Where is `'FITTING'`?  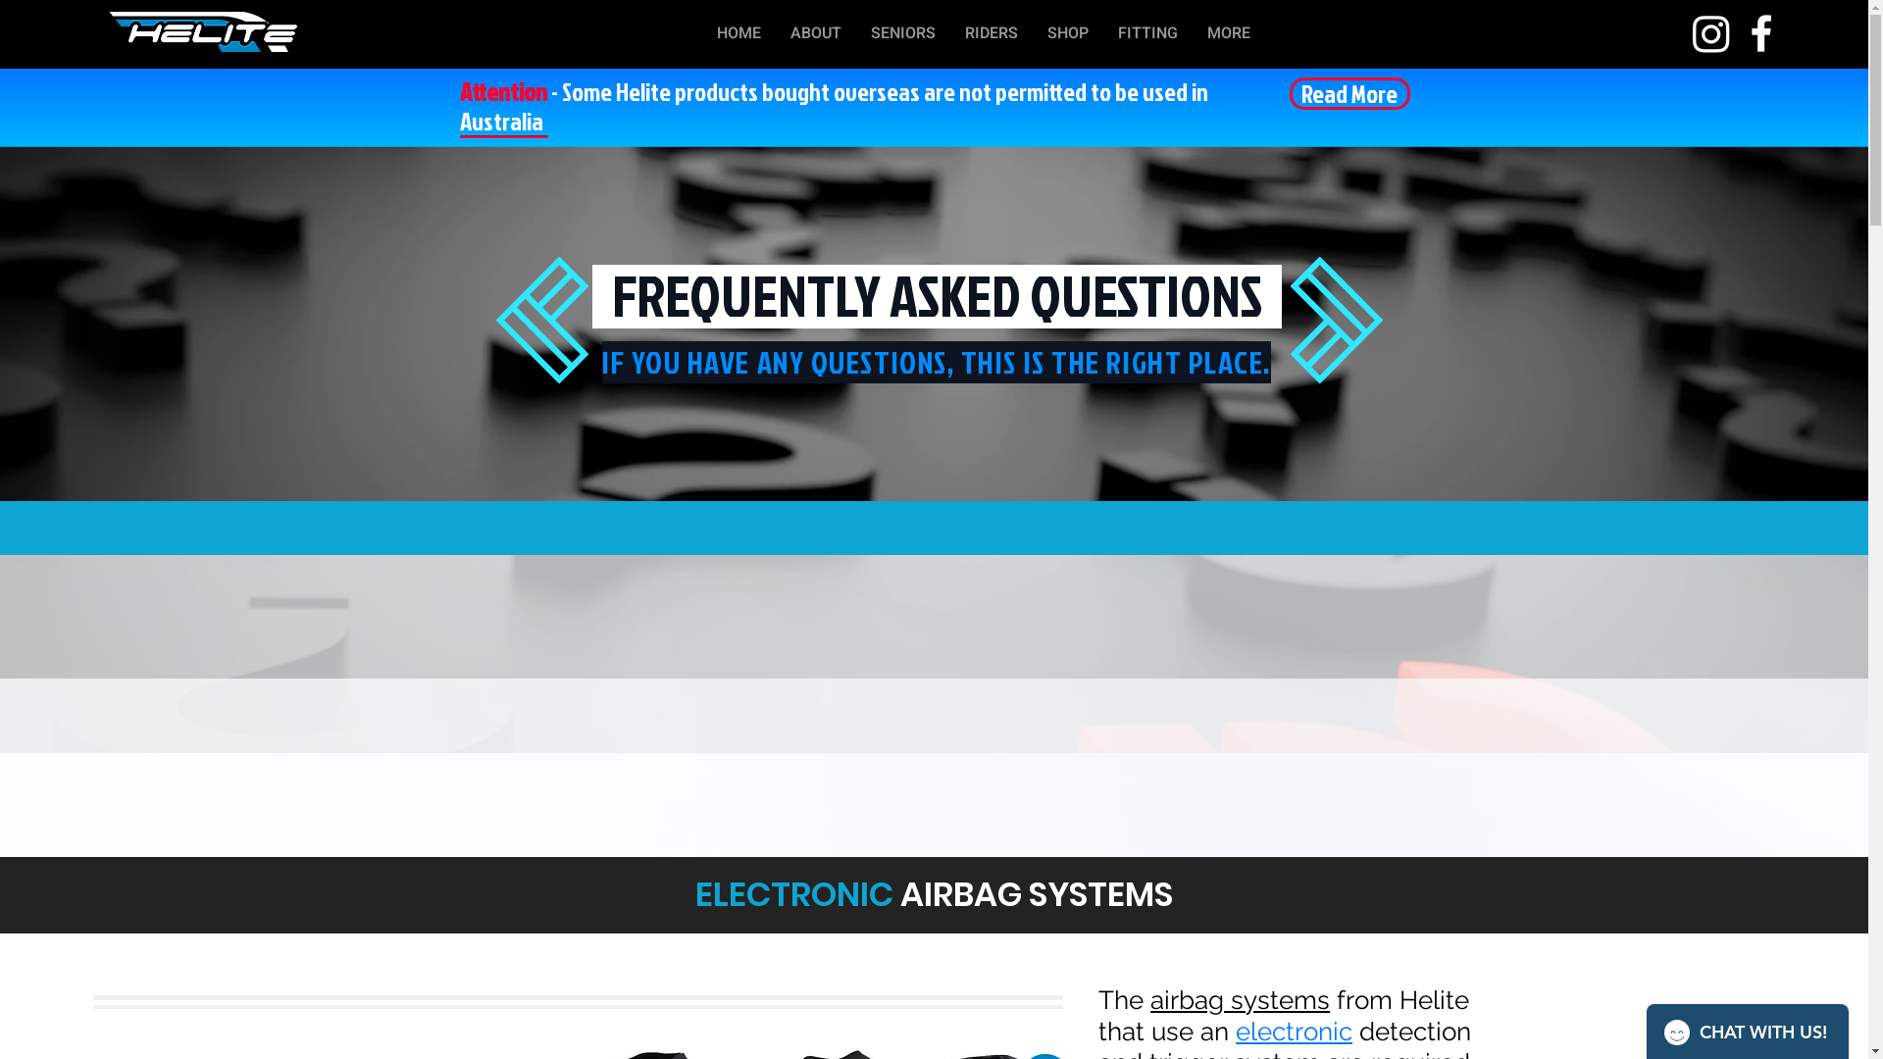
'FITTING' is located at coordinates (1147, 33).